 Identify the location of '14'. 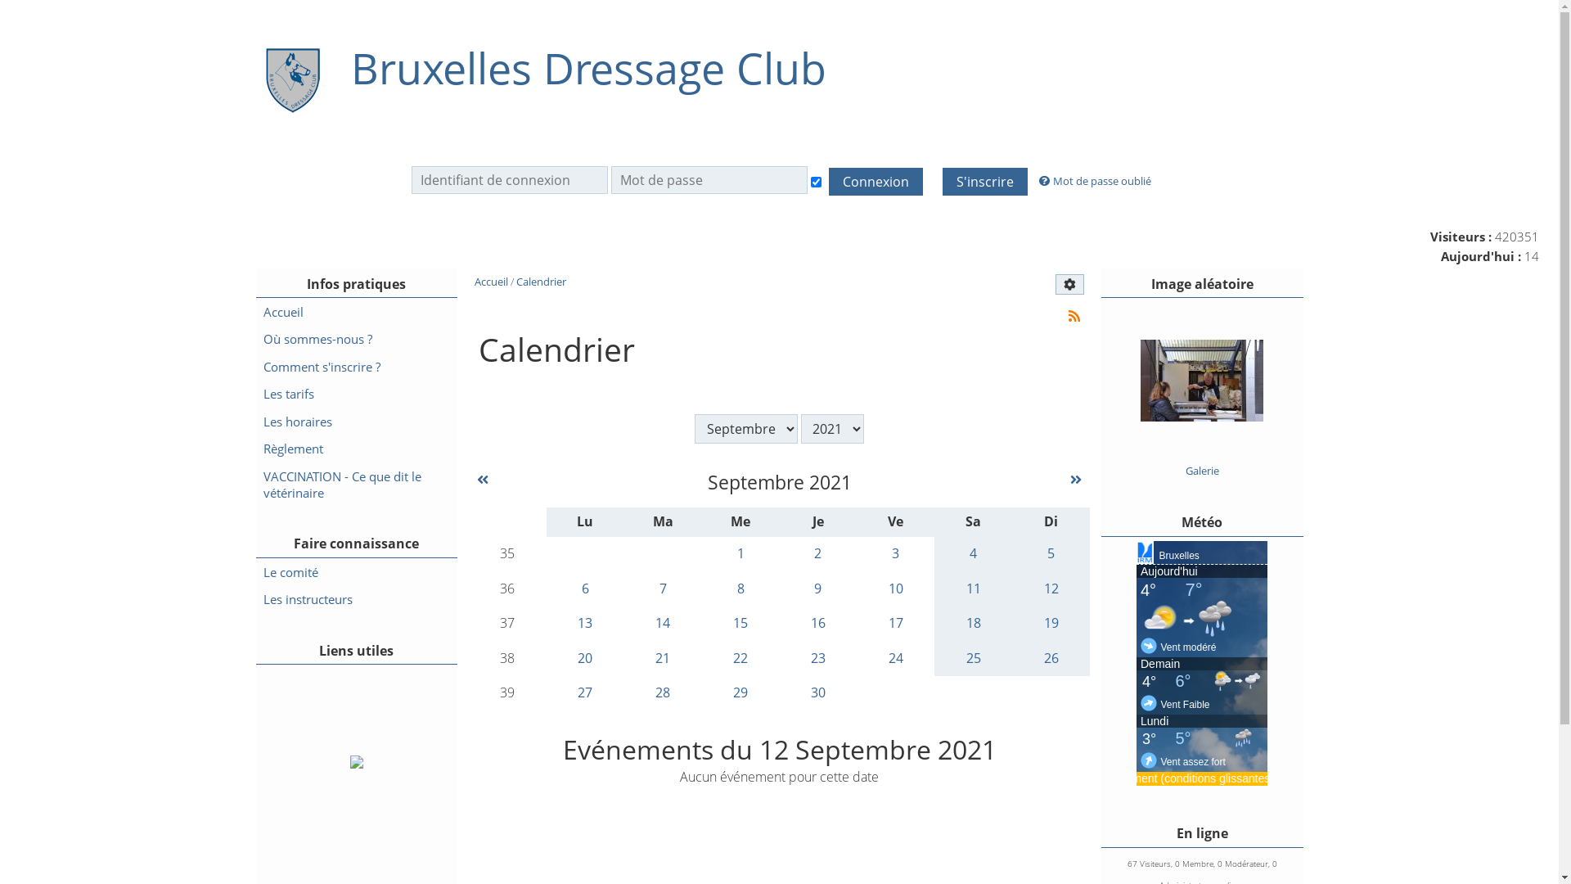
(663, 624).